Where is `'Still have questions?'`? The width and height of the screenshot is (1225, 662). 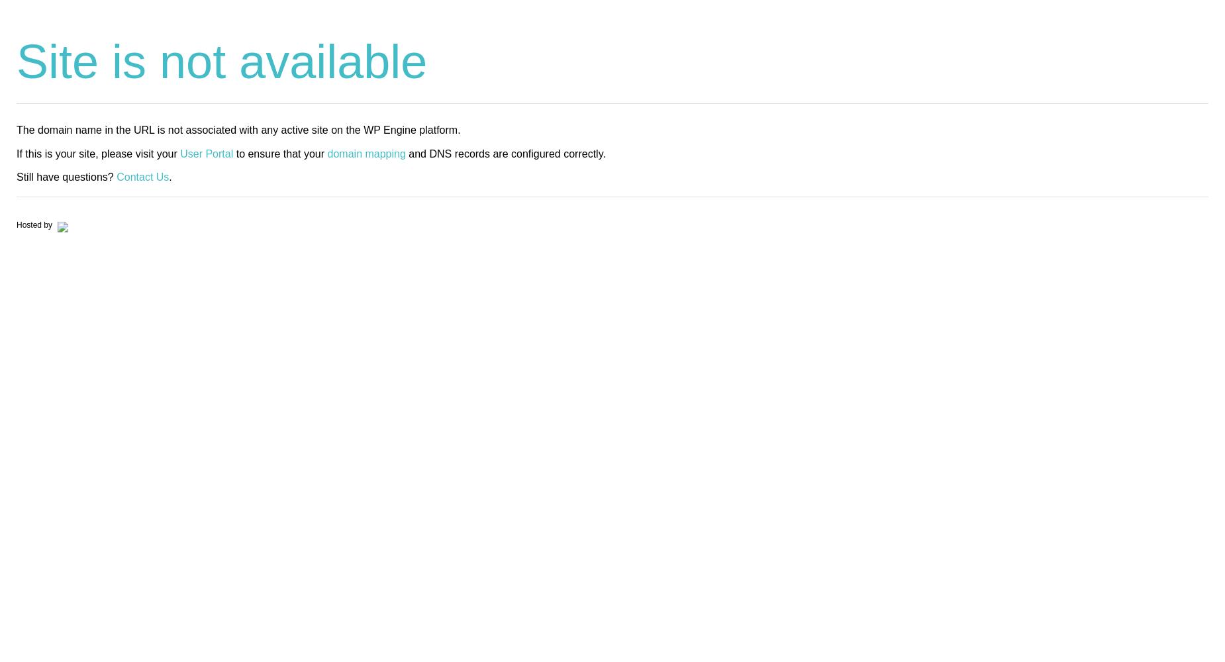 'Still have questions?' is located at coordinates (15, 176).